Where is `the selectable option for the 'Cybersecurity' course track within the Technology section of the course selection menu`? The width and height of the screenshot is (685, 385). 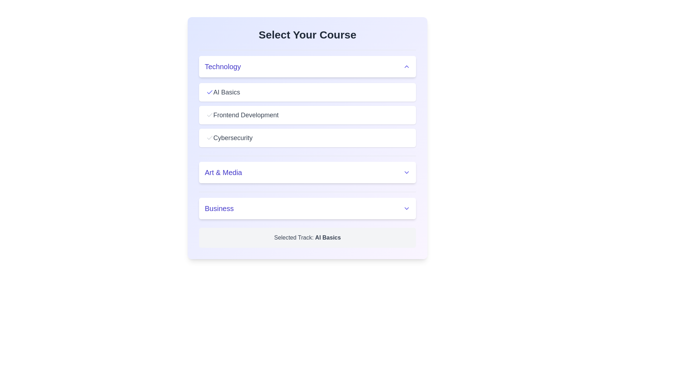 the selectable option for the 'Cybersecurity' course track within the Technology section of the course selection menu is located at coordinates (233, 138).